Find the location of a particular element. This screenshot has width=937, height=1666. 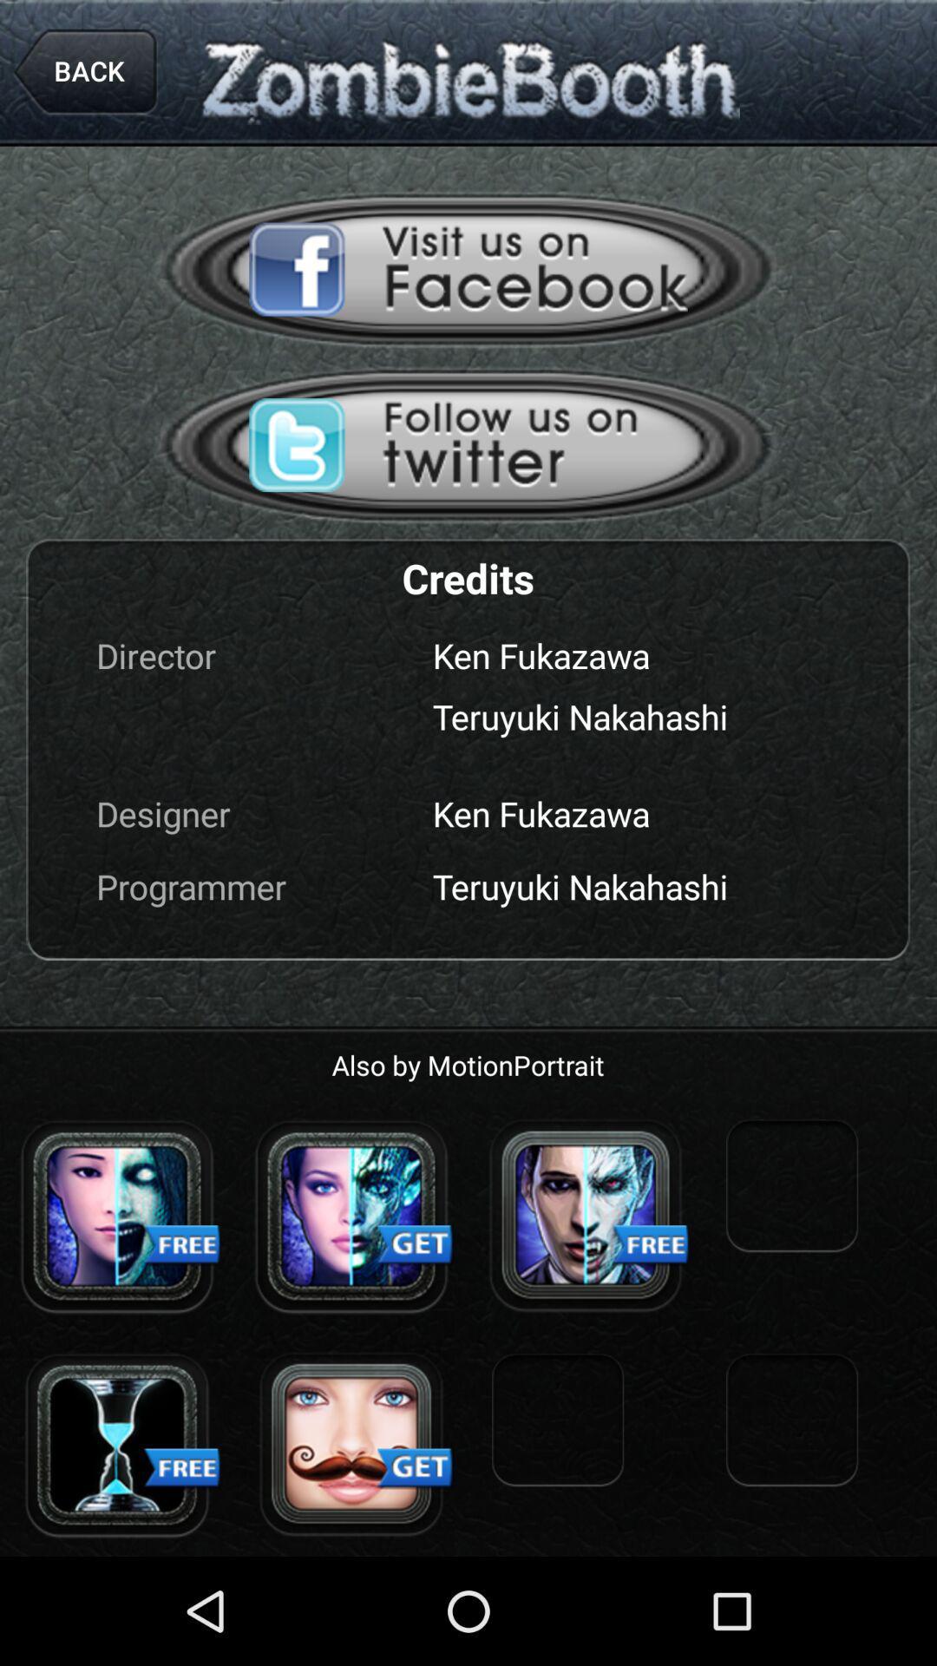

this option advertisement is located at coordinates (468, 445).